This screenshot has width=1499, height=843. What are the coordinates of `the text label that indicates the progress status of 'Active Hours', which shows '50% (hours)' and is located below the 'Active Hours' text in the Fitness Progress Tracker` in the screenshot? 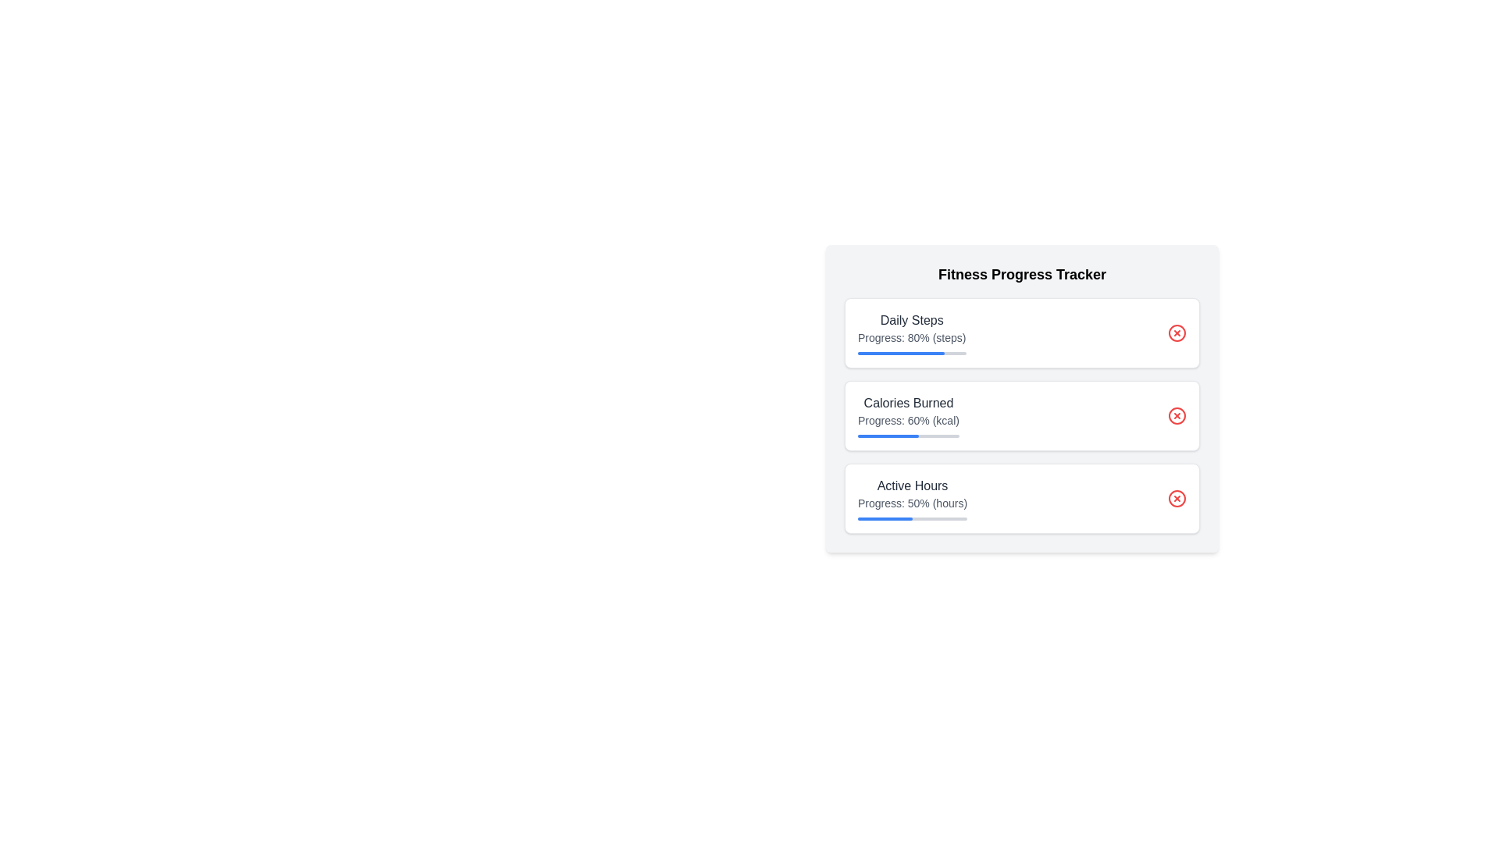 It's located at (913, 503).